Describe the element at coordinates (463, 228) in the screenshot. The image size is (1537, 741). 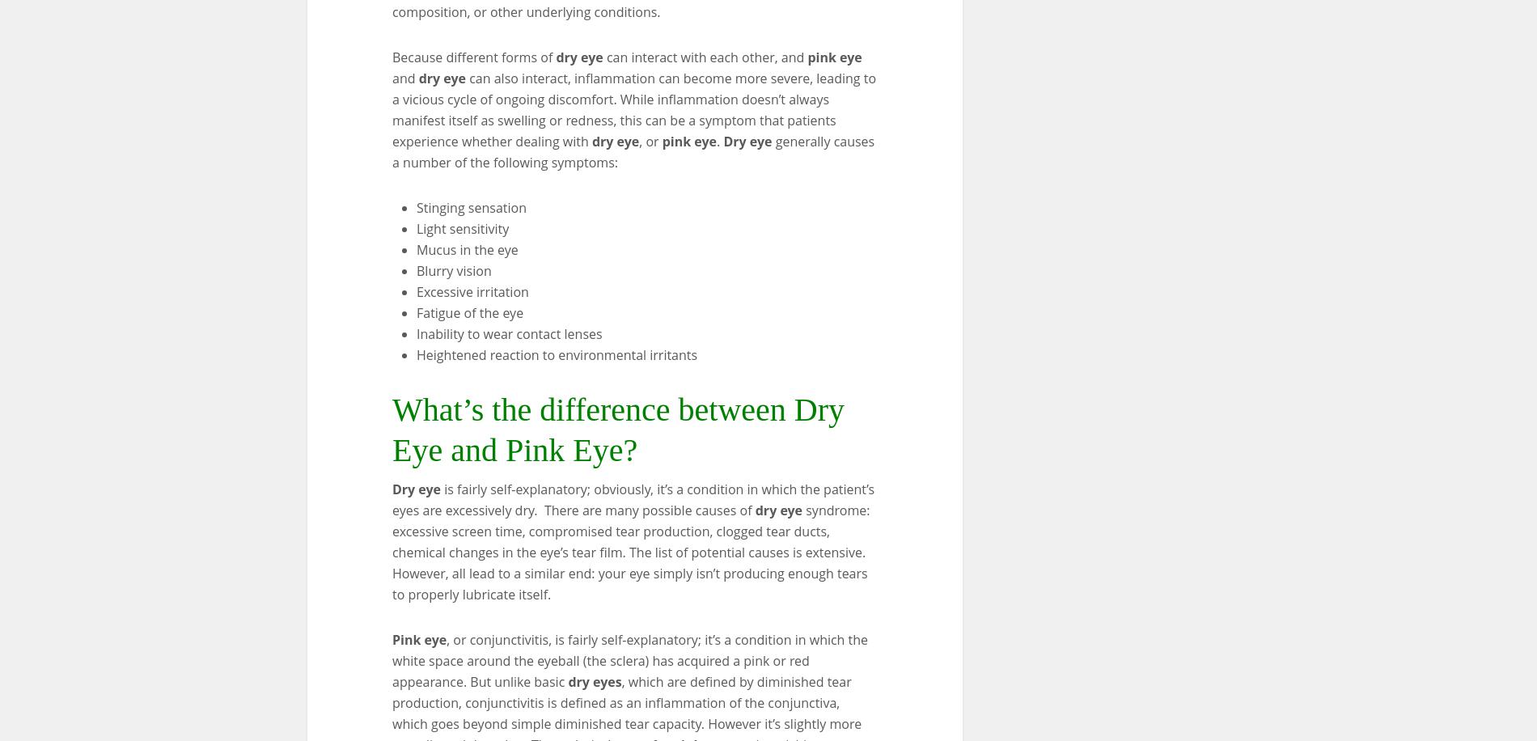
I see `'Light sensitivity'` at that location.